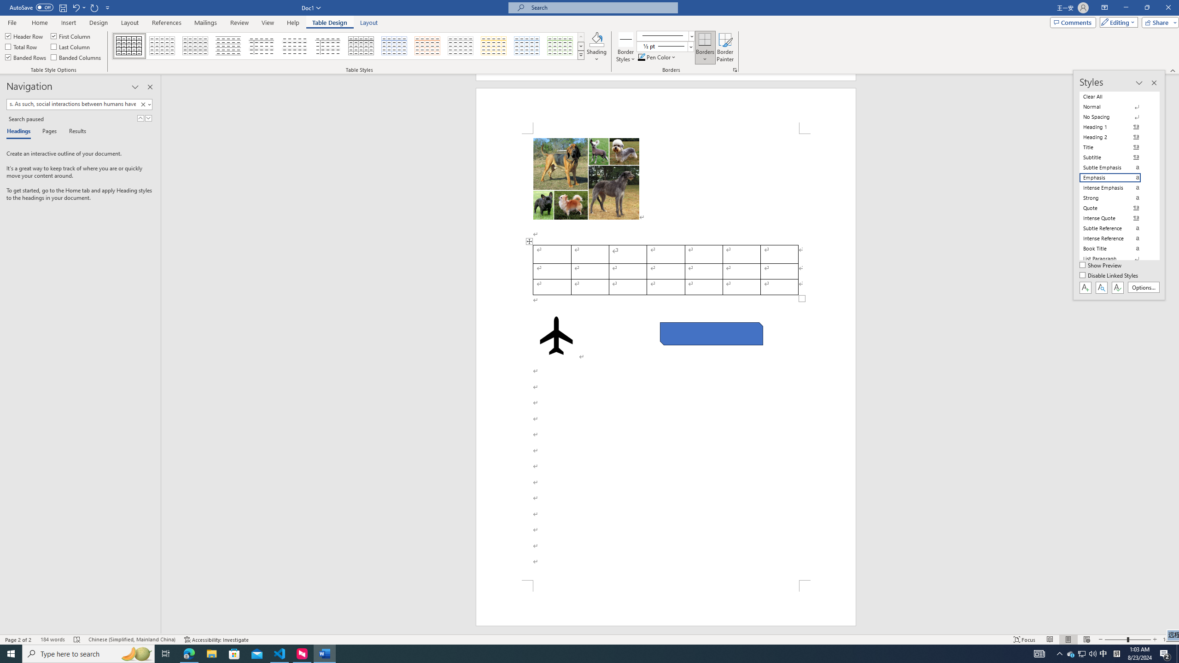 Image resolution: width=1179 pixels, height=663 pixels. What do you see at coordinates (21, 46) in the screenshot?
I see `'Total Row'` at bounding box center [21, 46].